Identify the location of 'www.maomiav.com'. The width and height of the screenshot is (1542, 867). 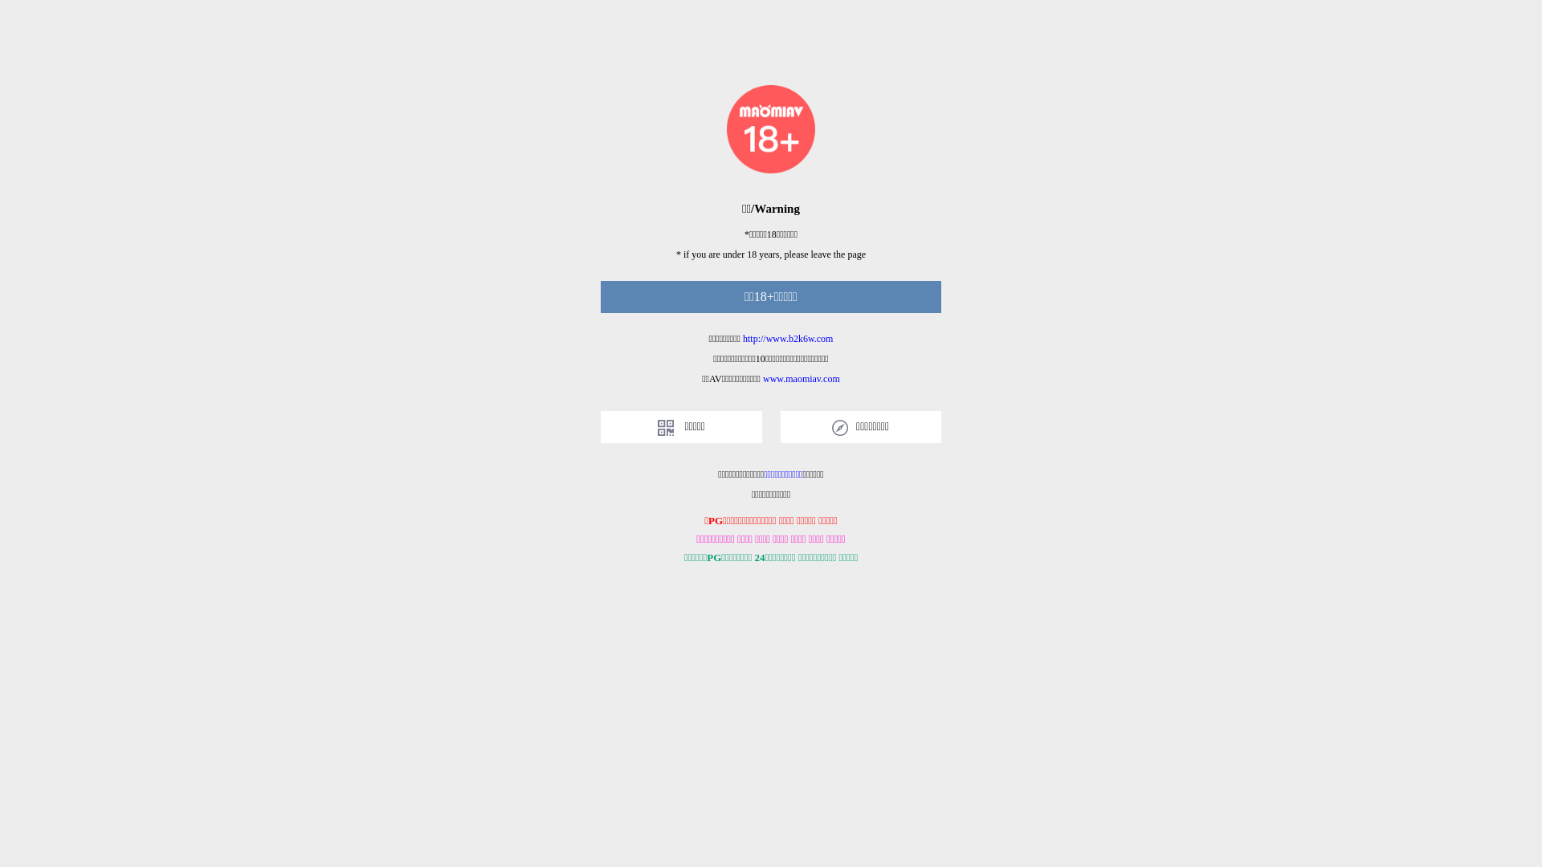
(762, 378).